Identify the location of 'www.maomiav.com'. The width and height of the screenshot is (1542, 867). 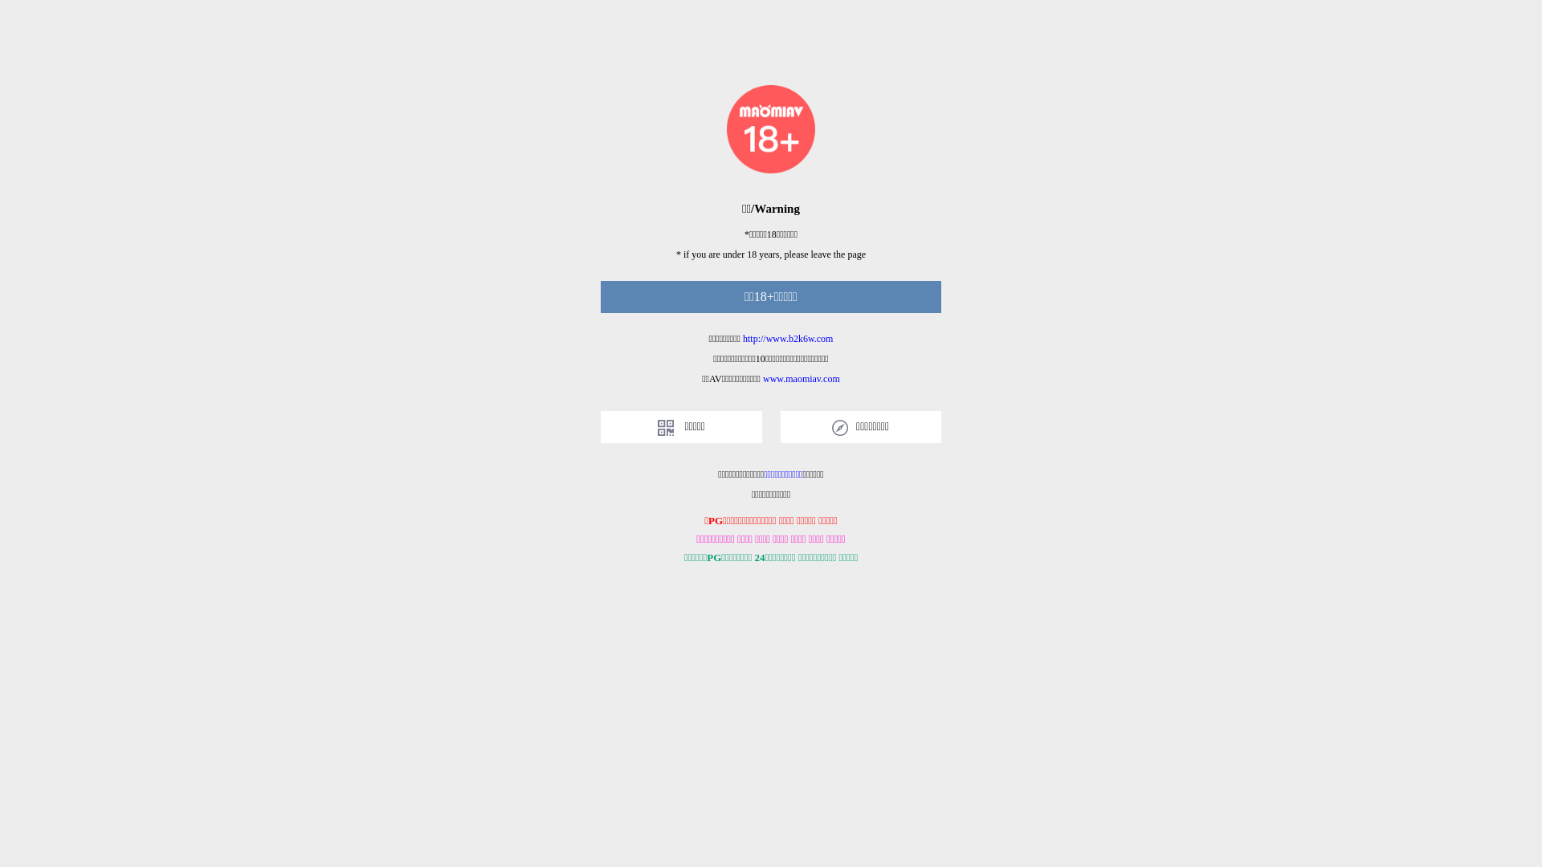
(762, 378).